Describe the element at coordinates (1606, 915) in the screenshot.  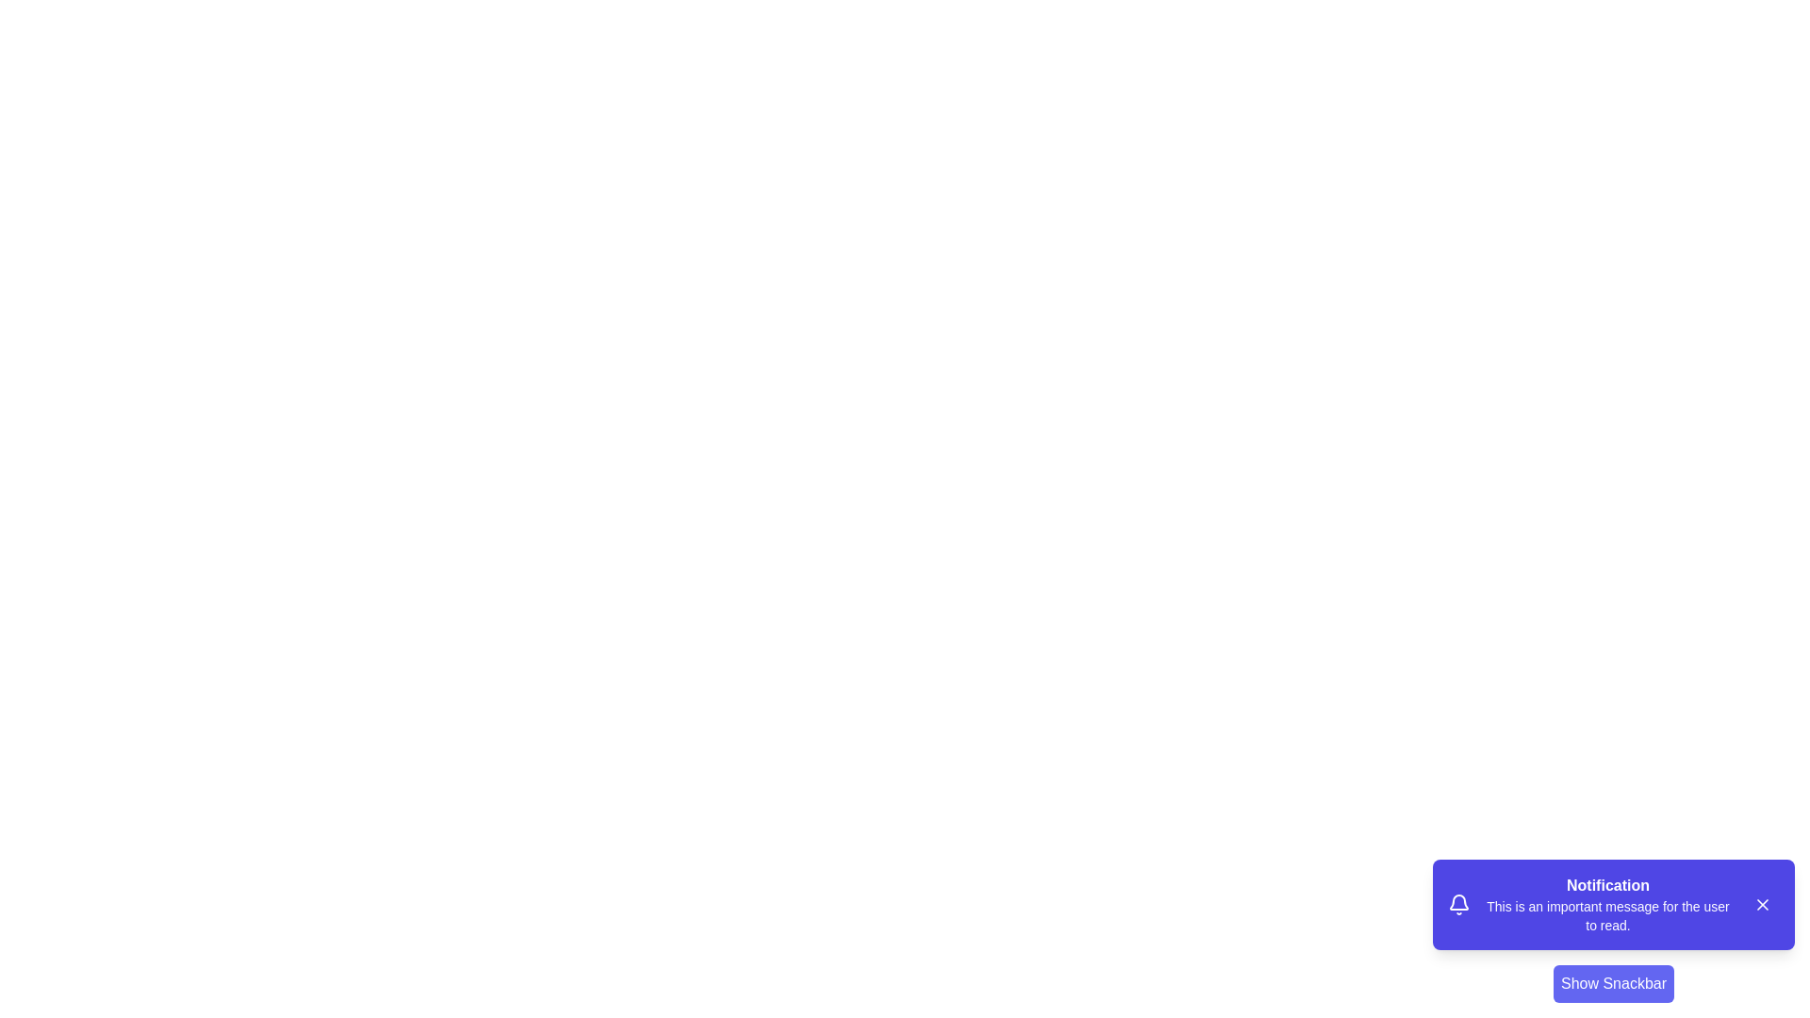
I see `text displayed in the notification text label located at the bottom right corner of the interface, beneath the title 'Notification'` at that location.